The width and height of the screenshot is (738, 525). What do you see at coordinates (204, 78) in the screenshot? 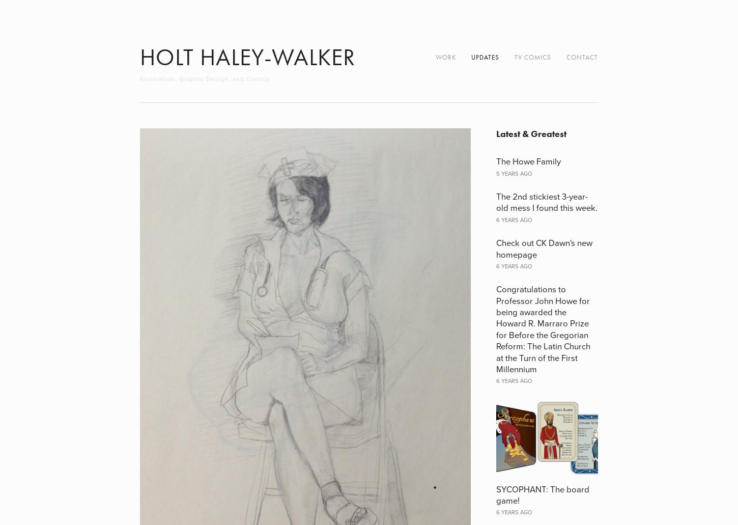
I see `'Illustration, Graphic Design, and Comics'` at bounding box center [204, 78].